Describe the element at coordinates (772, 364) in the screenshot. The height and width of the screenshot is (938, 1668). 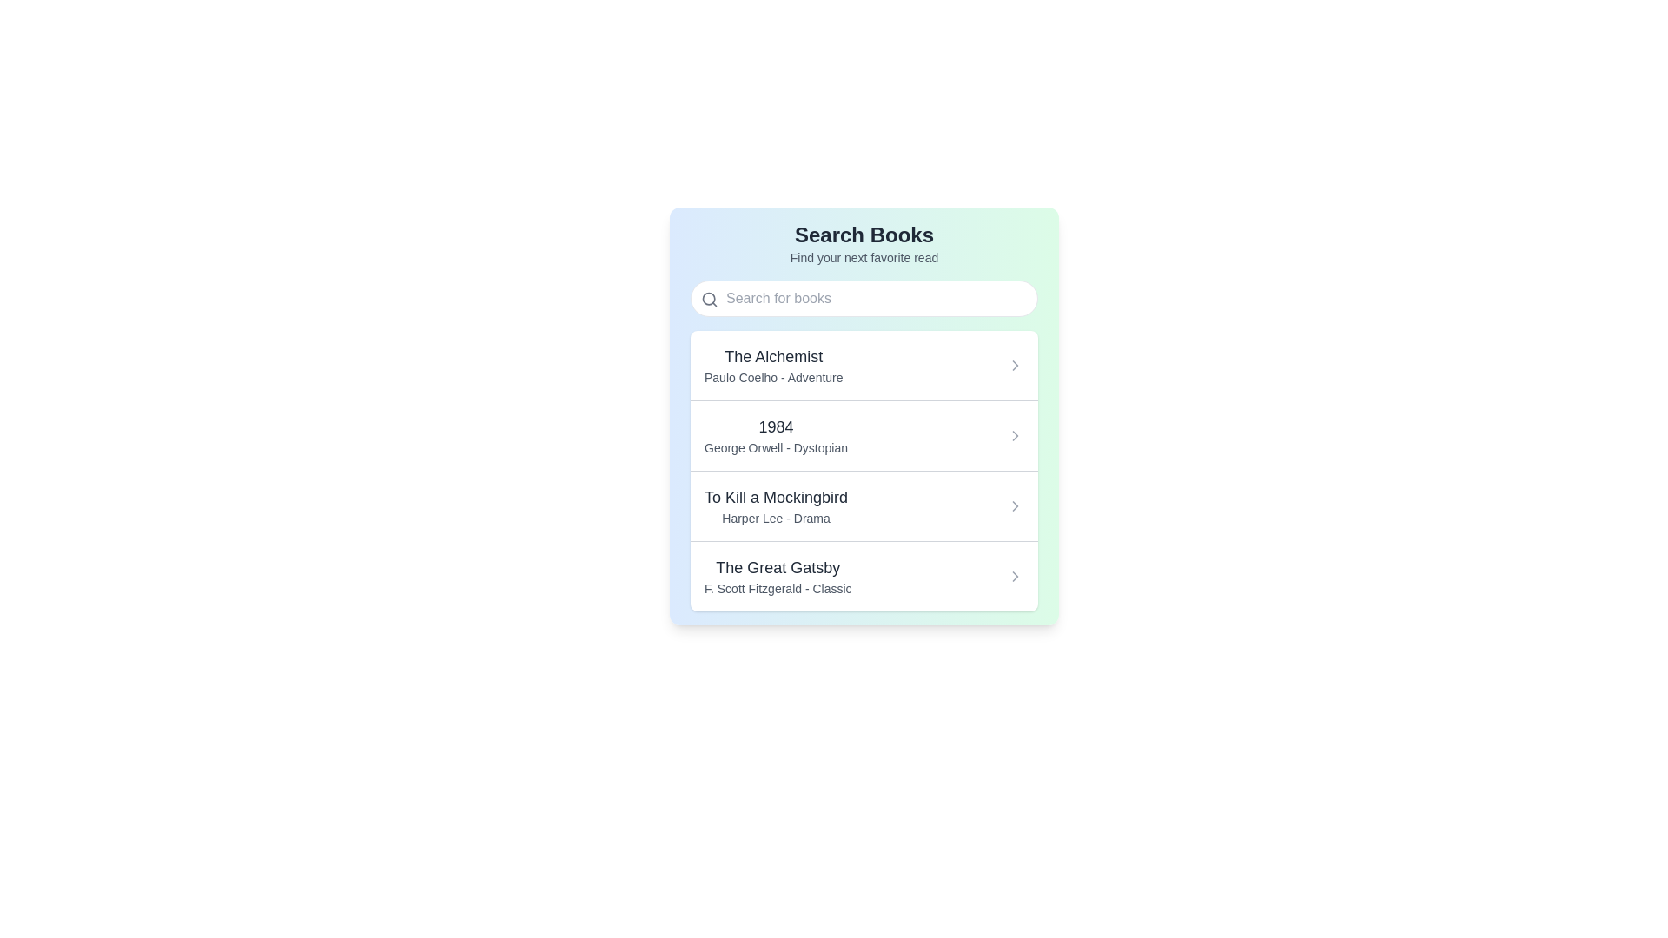
I see `the first selectable item in the book list` at that location.